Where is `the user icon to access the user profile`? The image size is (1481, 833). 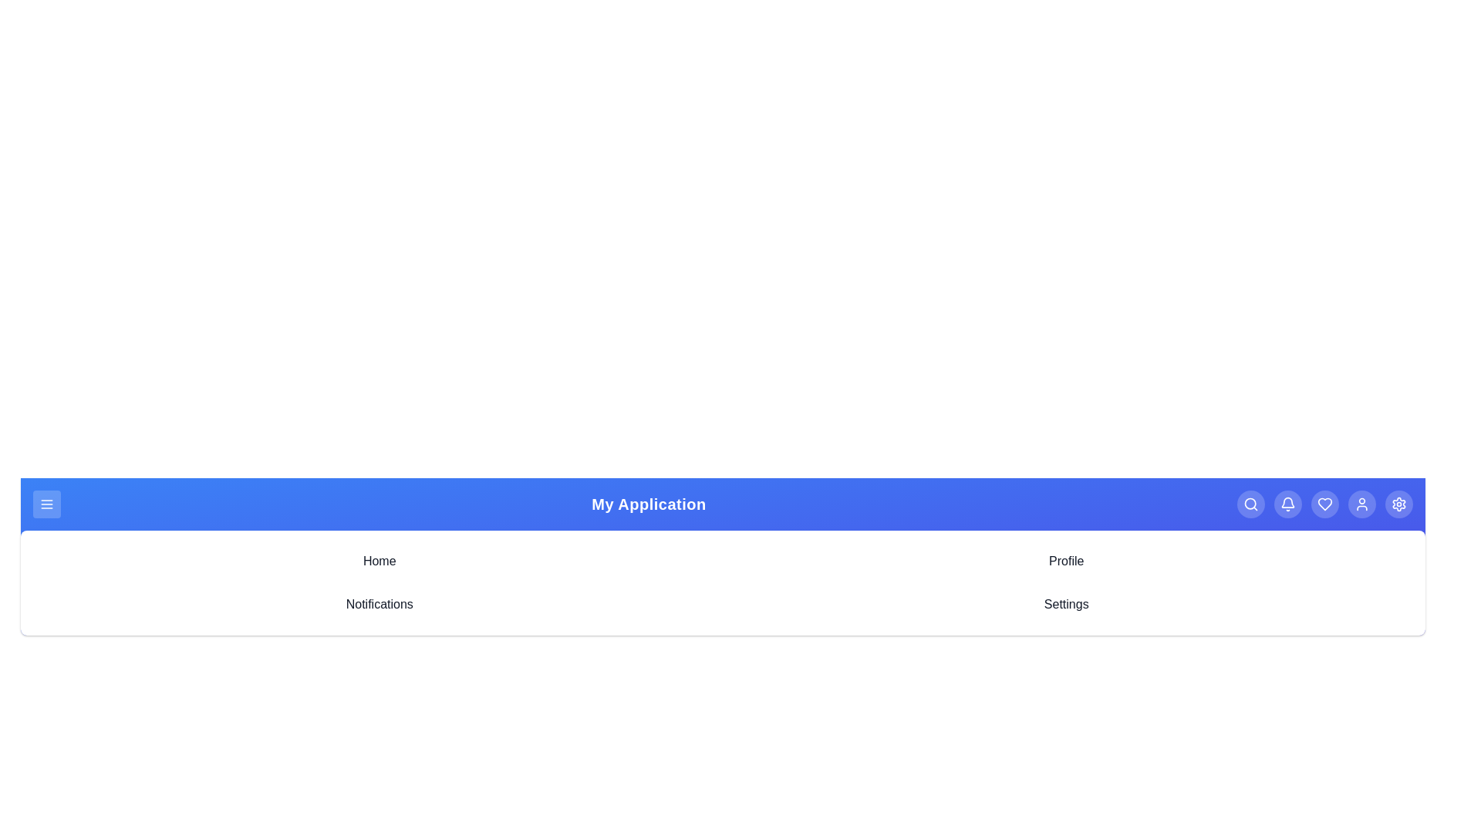
the user icon to access the user profile is located at coordinates (1362, 504).